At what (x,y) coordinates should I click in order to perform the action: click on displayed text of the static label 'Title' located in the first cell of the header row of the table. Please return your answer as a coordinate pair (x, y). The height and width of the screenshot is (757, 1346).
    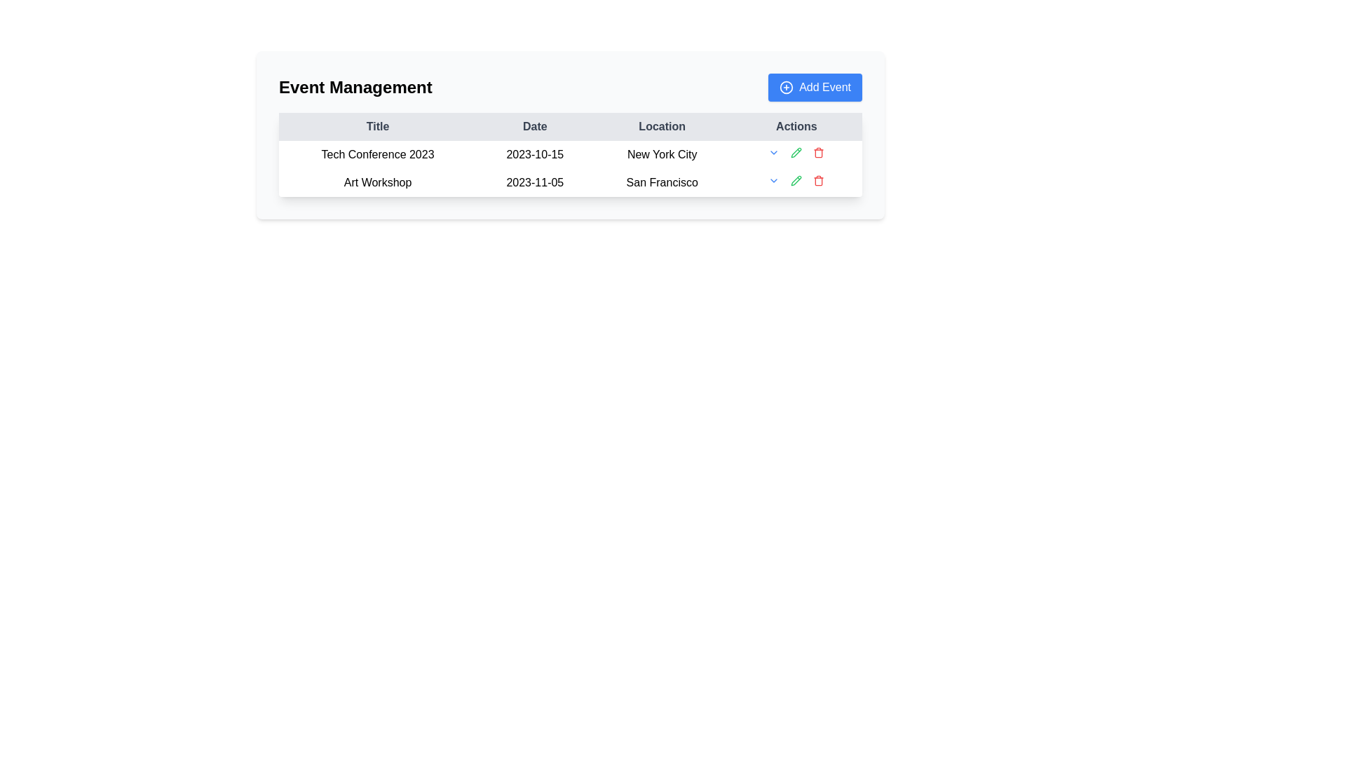
    Looking at the image, I should click on (378, 127).